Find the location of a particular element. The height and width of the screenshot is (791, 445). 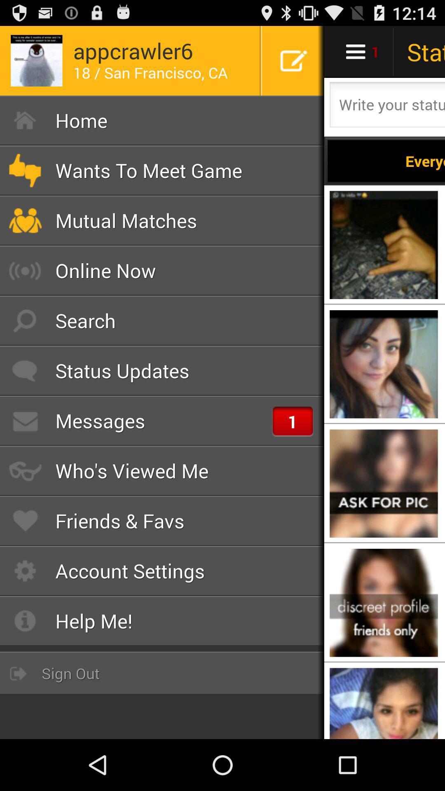

item above friends & favs icon is located at coordinates (162, 470).